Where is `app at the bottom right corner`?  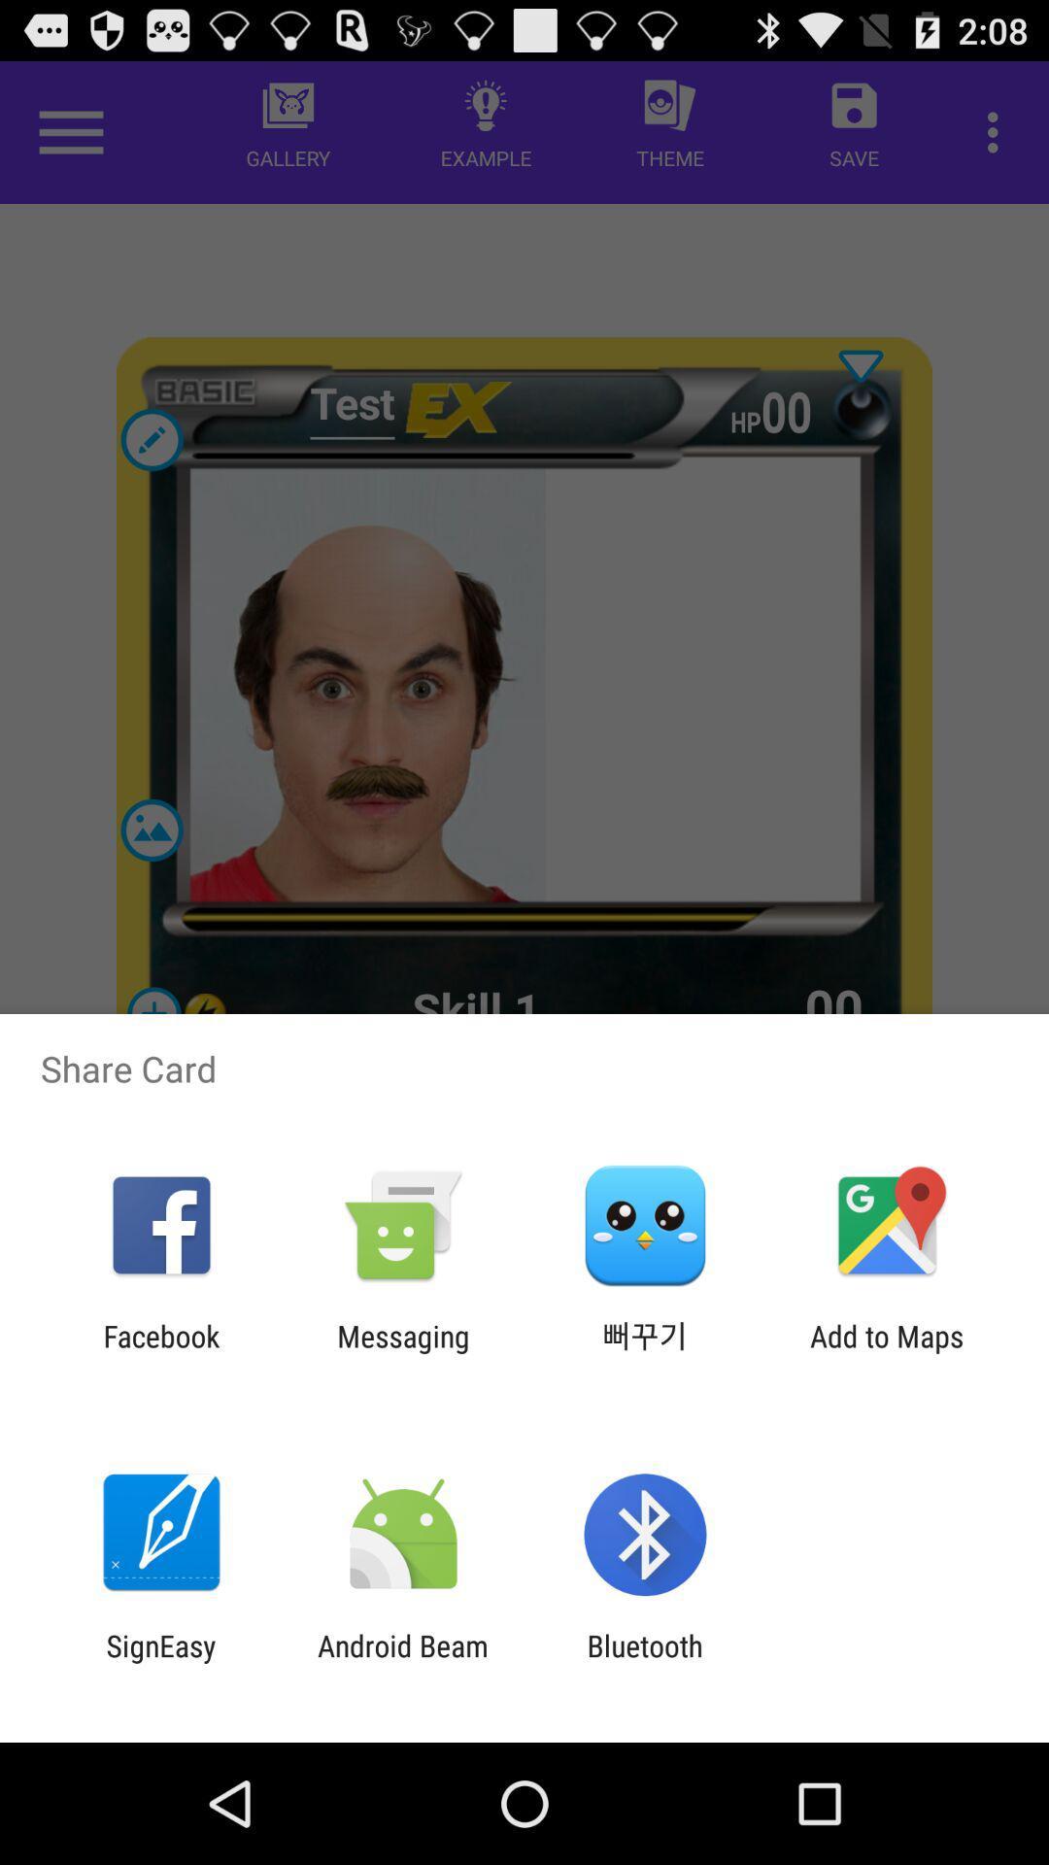
app at the bottom right corner is located at coordinates (887, 1352).